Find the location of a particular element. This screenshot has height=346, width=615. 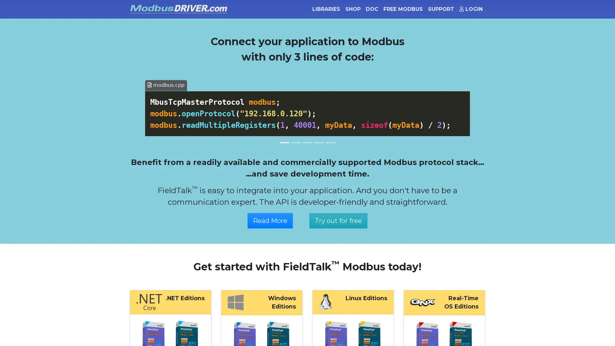

Try out for free is located at coordinates (338, 220).